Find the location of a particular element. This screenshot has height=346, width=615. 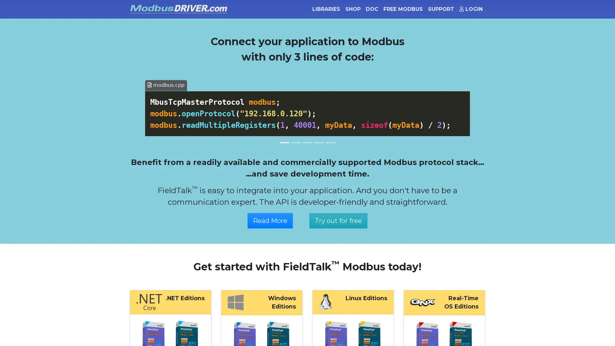

Try out for free is located at coordinates (338, 220).